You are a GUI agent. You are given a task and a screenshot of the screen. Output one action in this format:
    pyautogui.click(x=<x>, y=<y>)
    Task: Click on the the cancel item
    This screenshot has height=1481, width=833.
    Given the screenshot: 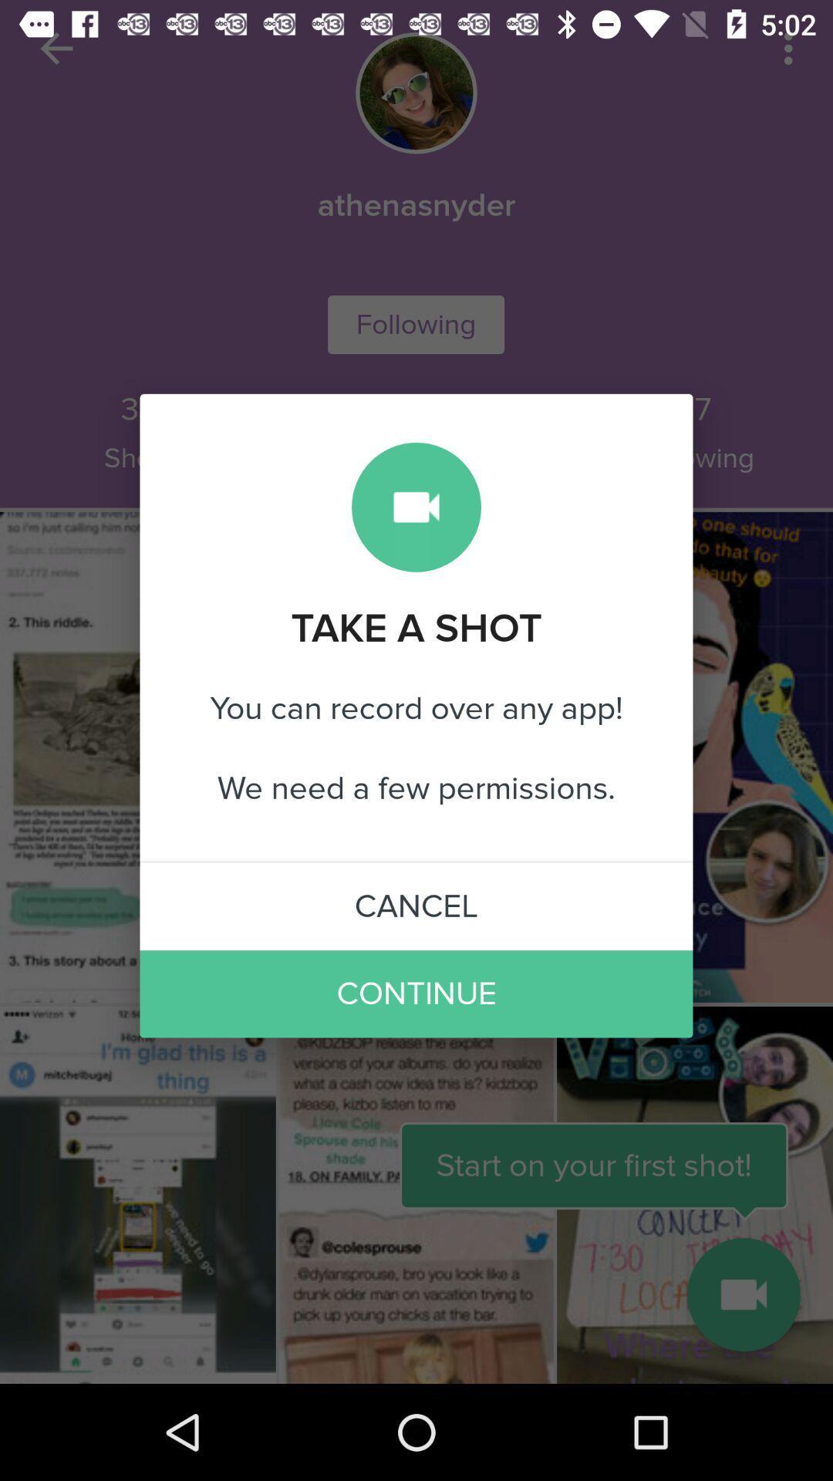 What is the action you would take?
    pyautogui.click(x=416, y=906)
    